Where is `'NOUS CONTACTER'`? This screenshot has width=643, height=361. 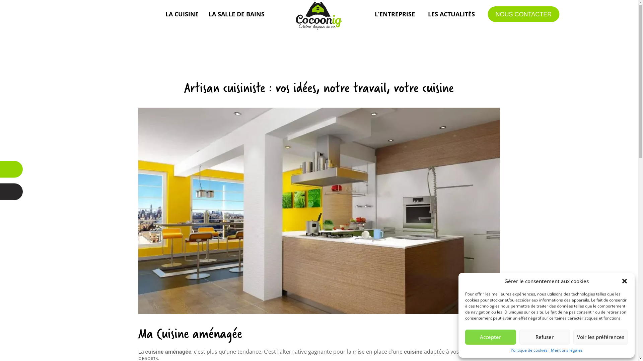
'NOUS CONTACTER' is located at coordinates (523, 14).